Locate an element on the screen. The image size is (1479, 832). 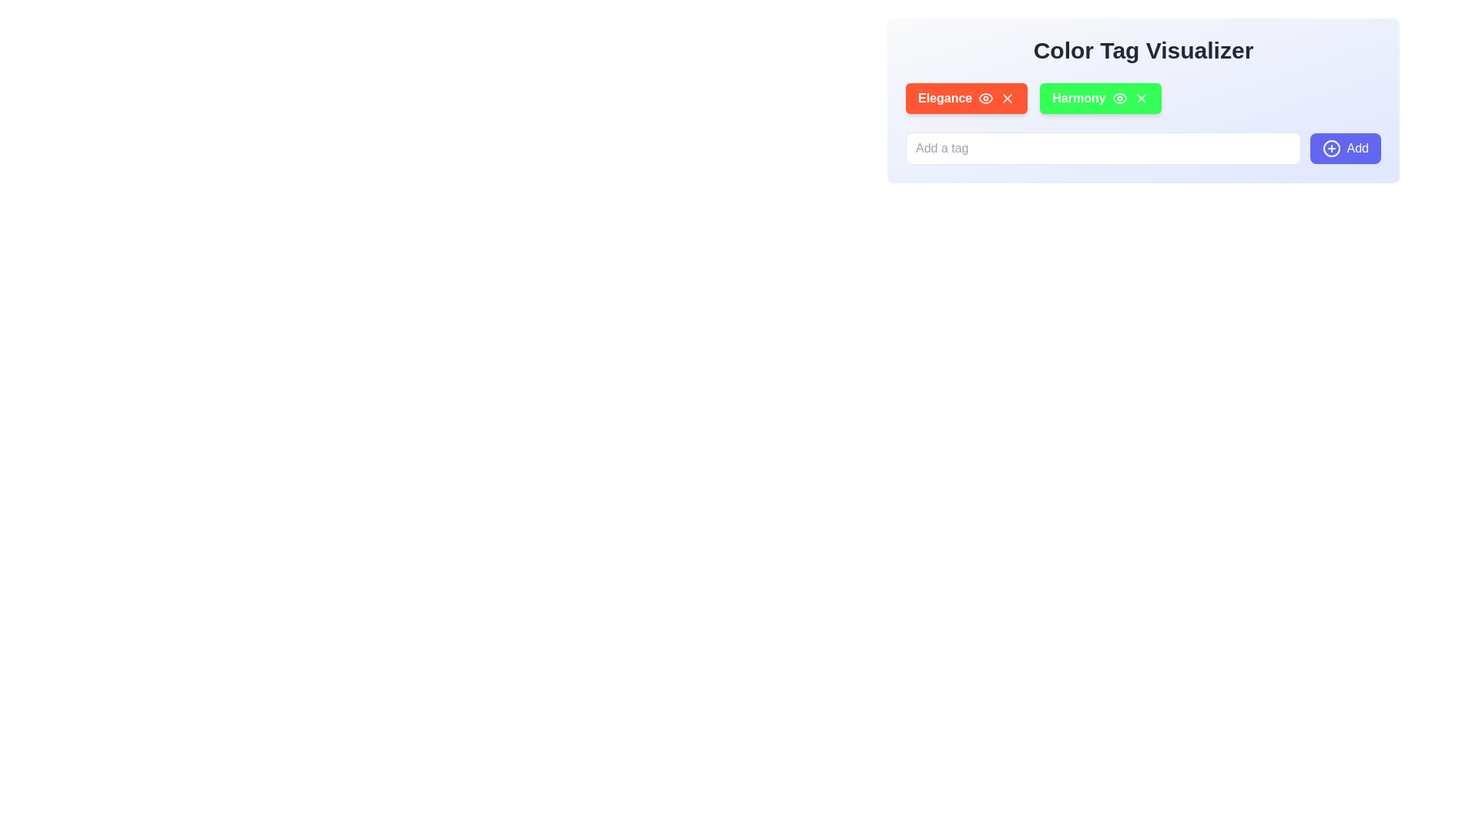
the addition icon located within the 'Add' button at the far right of the interface, adjacent to the text 'Add' is located at coordinates (1330, 148).